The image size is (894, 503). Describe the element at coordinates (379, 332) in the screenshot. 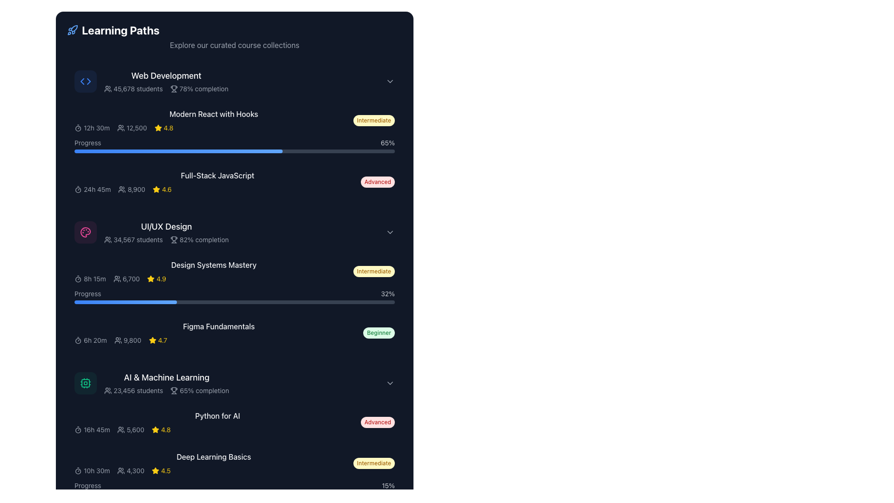

I see `the 'Beginner' badge element with a light green background, which is located to the far right of the 'Figma Fundamentals' course entry in the 'Learning Paths' section` at that location.